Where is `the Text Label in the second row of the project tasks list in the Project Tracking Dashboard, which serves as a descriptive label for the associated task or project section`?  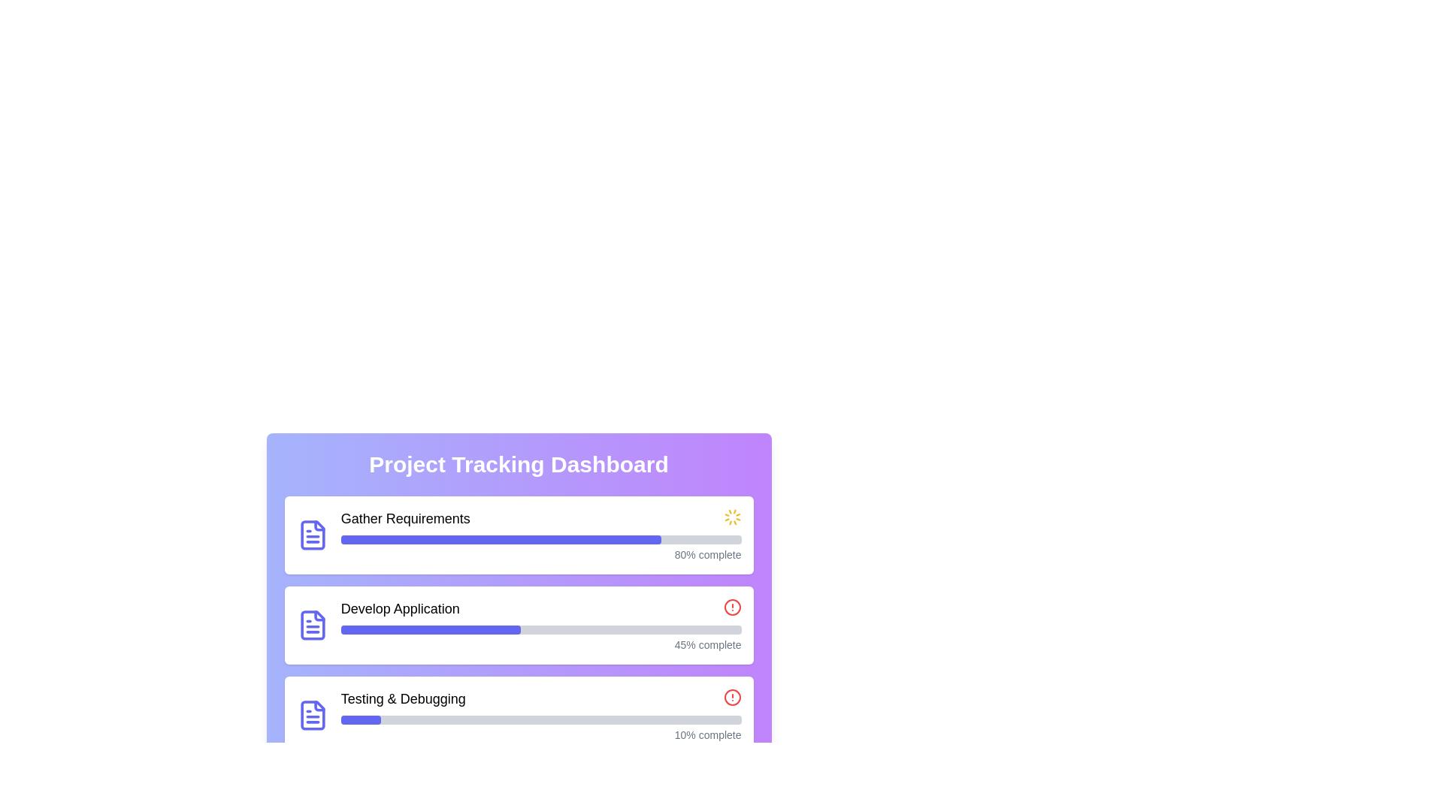 the Text Label in the second row of the project tasks list in the Project Tracking Dashboard, which serves as a descriptive label for the associated task or project section is located at coordinates (400, 608).